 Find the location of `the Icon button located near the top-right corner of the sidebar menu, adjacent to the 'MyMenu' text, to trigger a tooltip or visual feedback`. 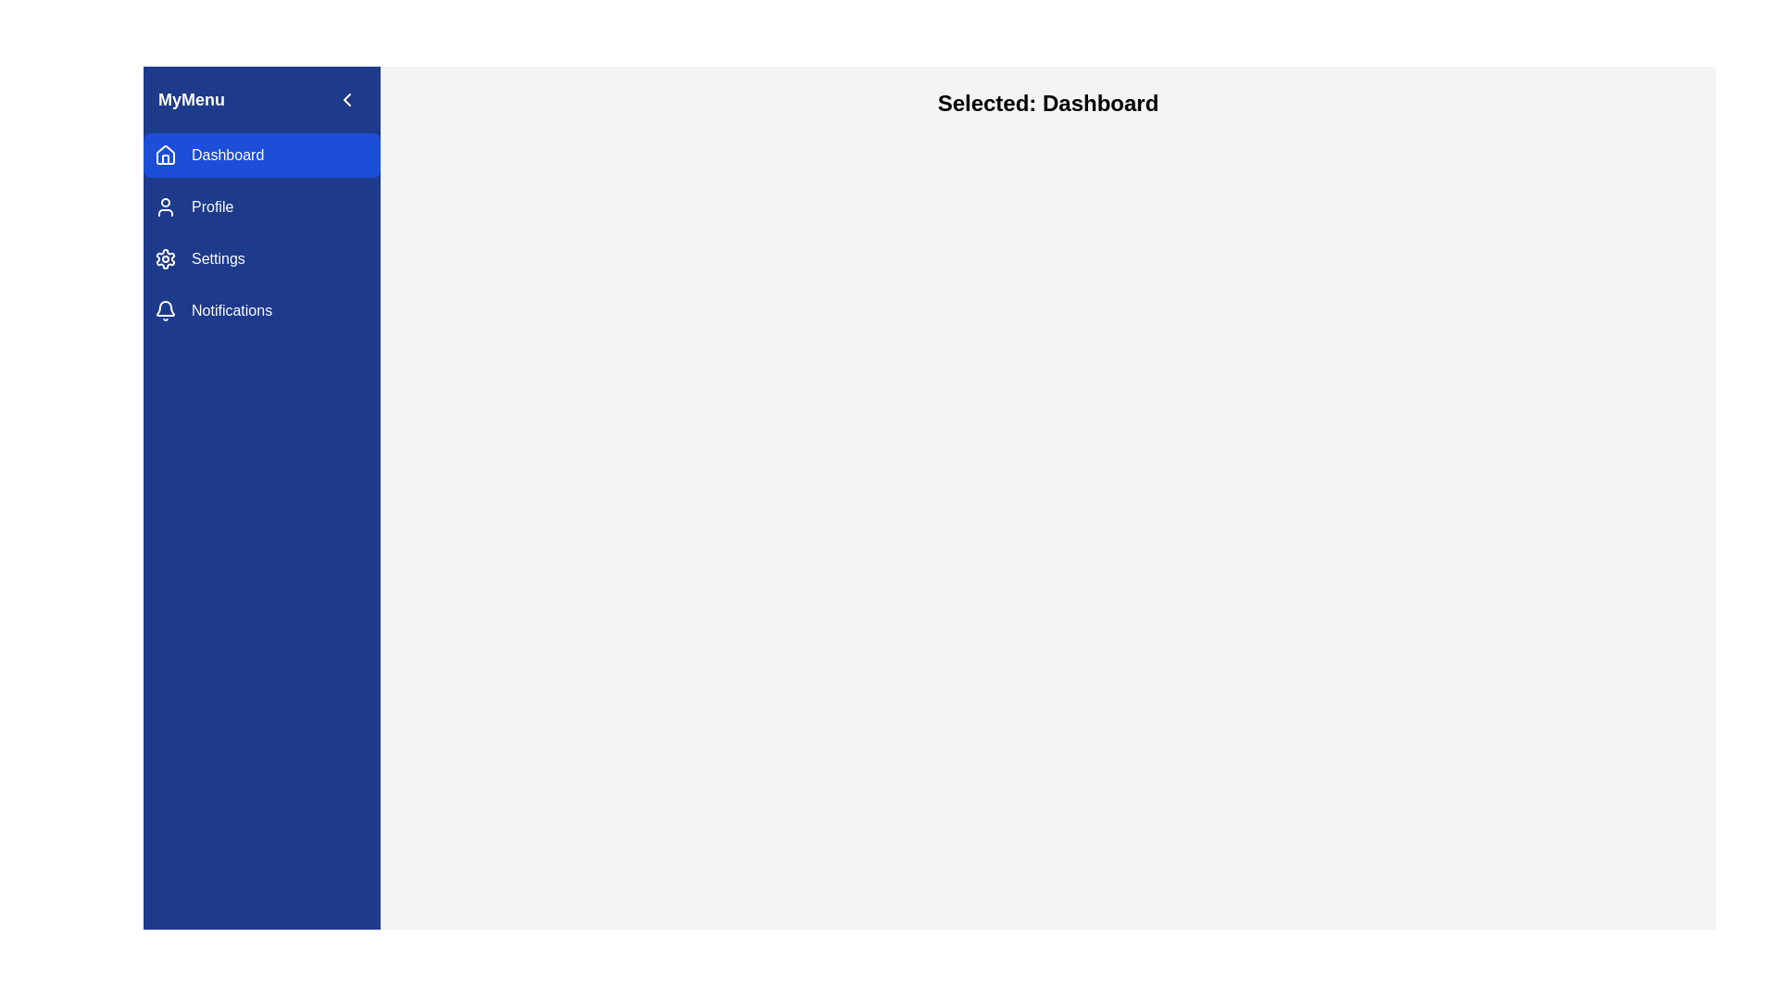

the Icon button located near the top-right corner of the sidebar menu, adjacent to the 'MyMenu' text, to trigger a tooltip or visual feedback is located at coordinates (346, 100).